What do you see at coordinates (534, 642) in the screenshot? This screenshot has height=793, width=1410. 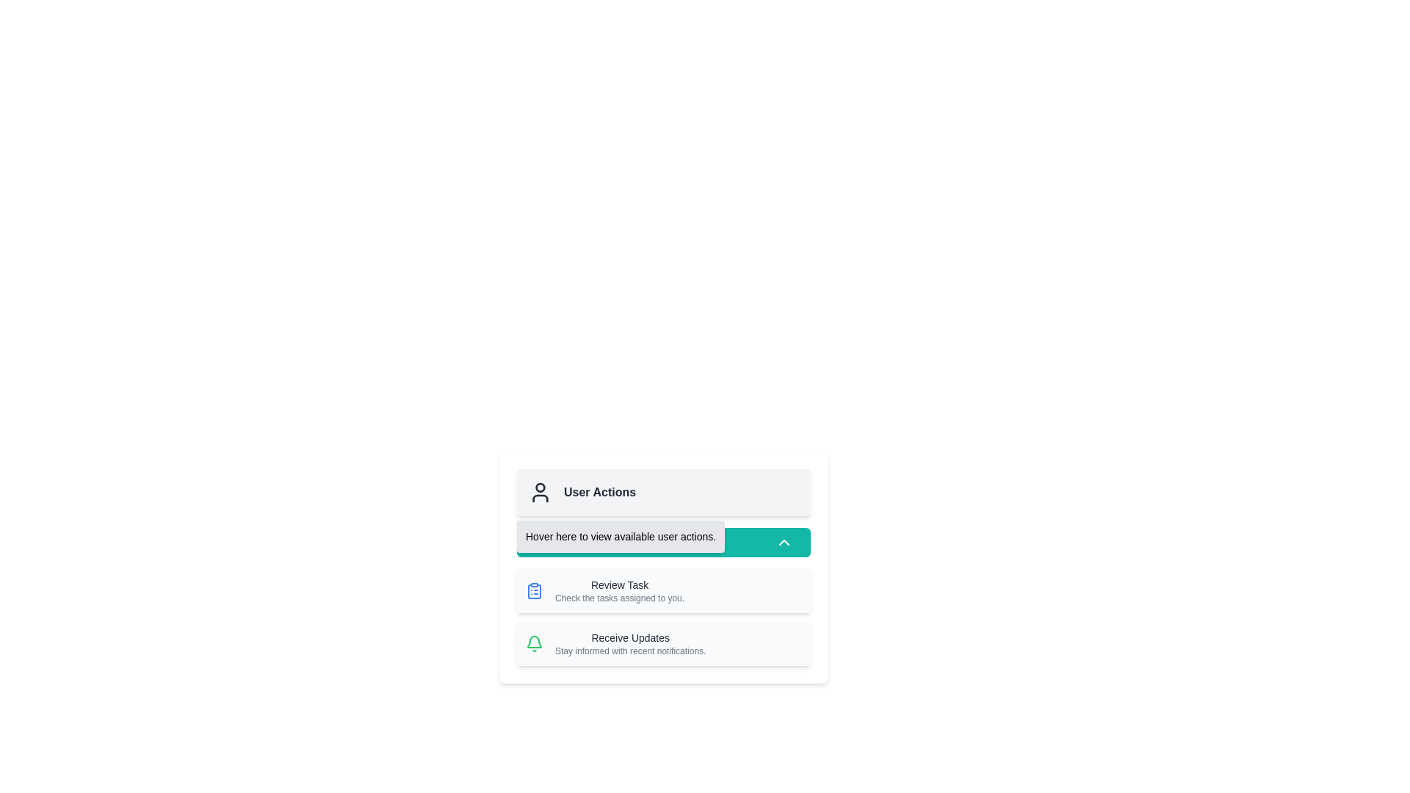 I see `the bell icon located at the bottom left of the 'Receive Updates' section, which serves as a notification symbol` at bounding box center [534, 642].